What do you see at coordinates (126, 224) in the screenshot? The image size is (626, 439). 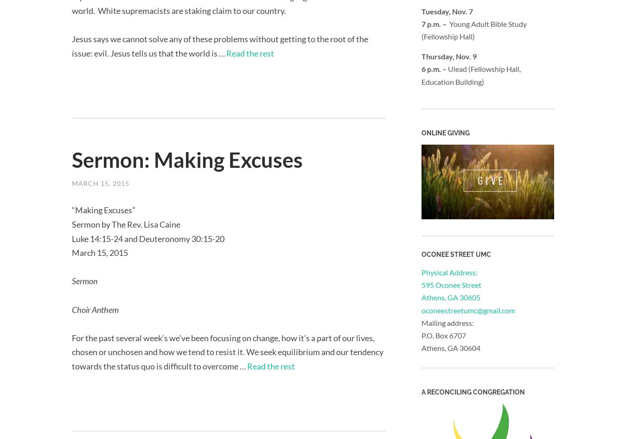 I see `'Sermon by The Rev. Lisa Caine'` at bounding box center [126, 224].